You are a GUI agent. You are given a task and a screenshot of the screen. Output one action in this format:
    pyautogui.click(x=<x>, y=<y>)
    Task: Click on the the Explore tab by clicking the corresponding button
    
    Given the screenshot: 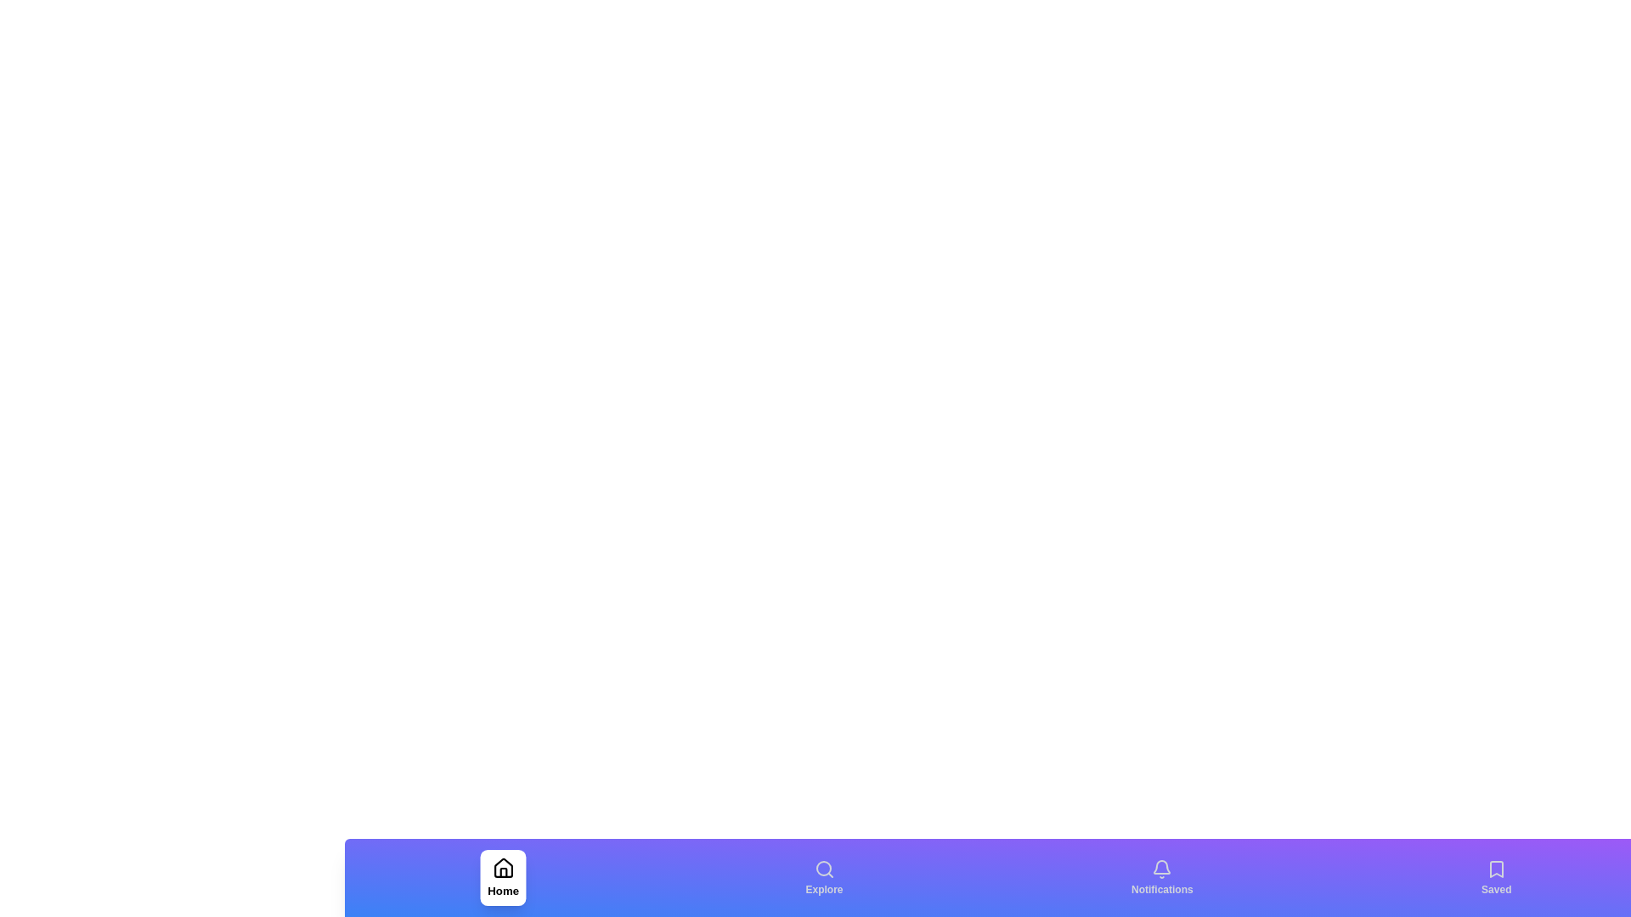 What is the action you would take?
    pyautogui.click(x=823, y=877)
    